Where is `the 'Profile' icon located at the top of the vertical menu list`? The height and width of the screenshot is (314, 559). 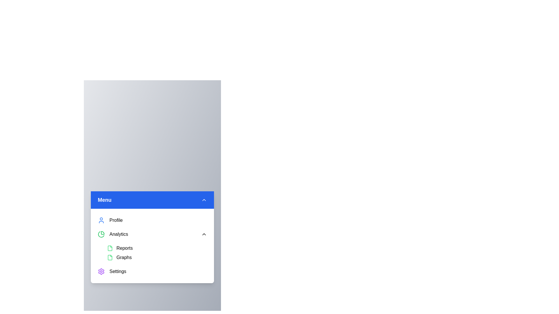 the 'Profile' icon located at the top of the vertical menu list is located at coordinates (101, 220).